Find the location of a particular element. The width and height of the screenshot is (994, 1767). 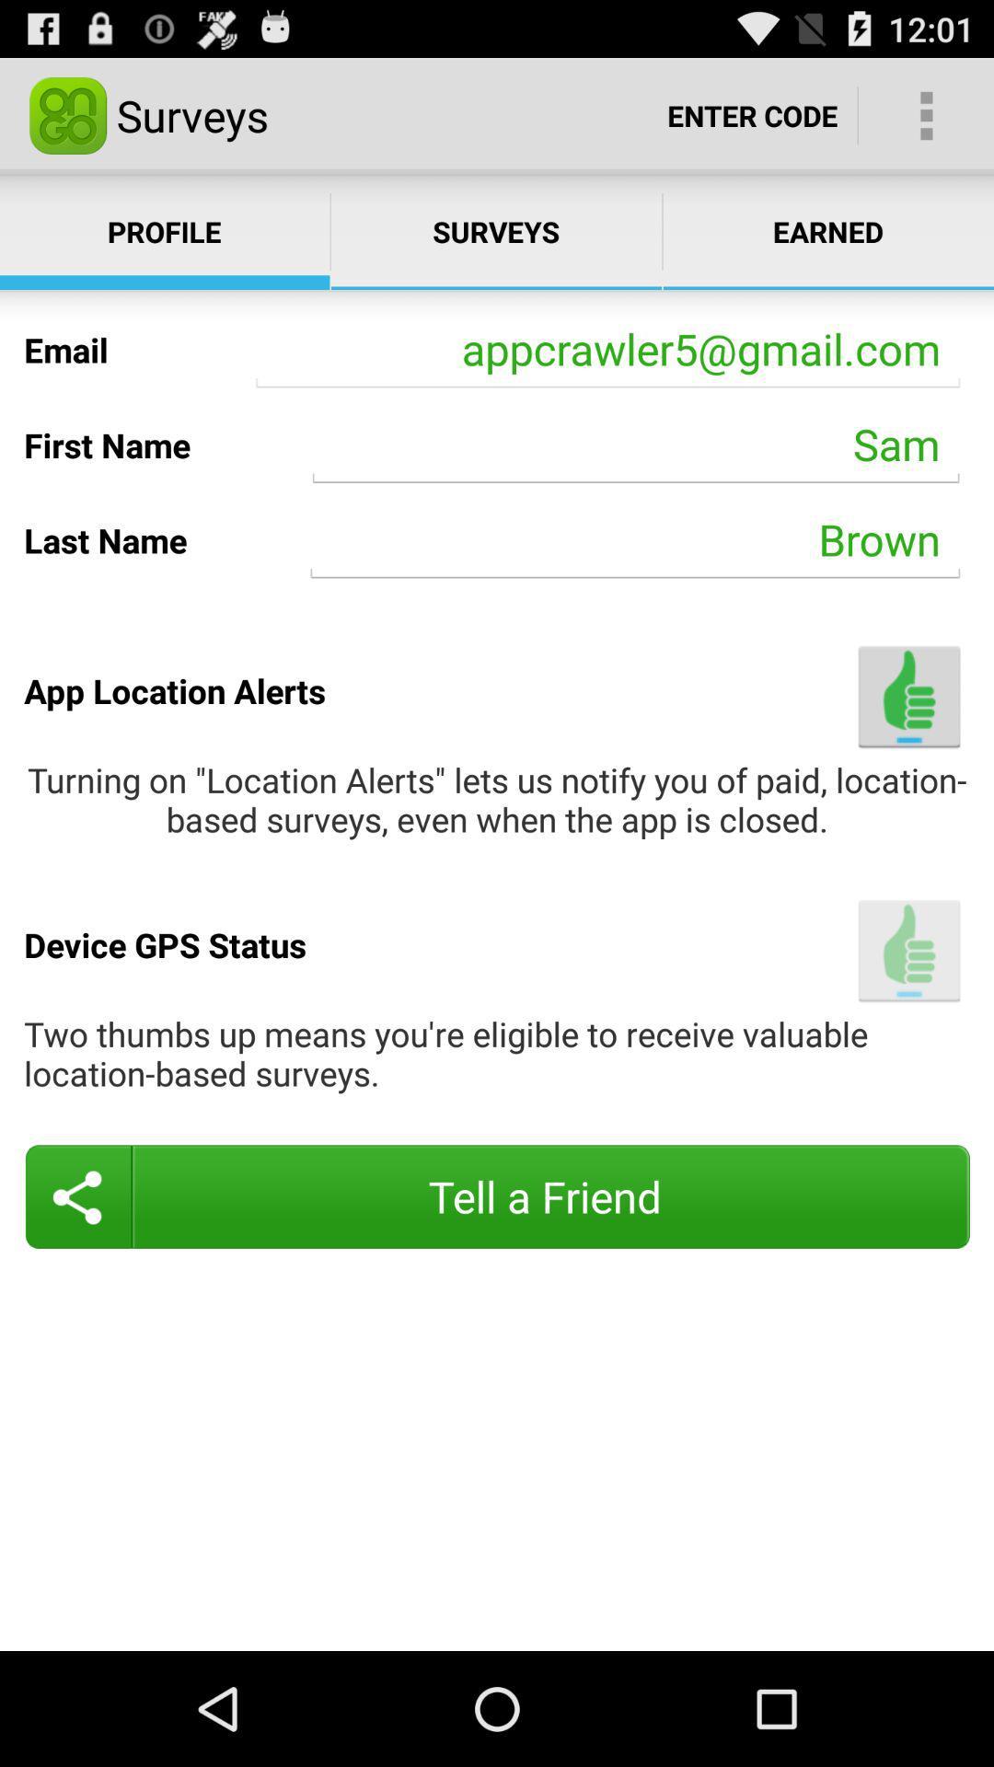

the search bar beside the text email is located at coordinates (607, 350).